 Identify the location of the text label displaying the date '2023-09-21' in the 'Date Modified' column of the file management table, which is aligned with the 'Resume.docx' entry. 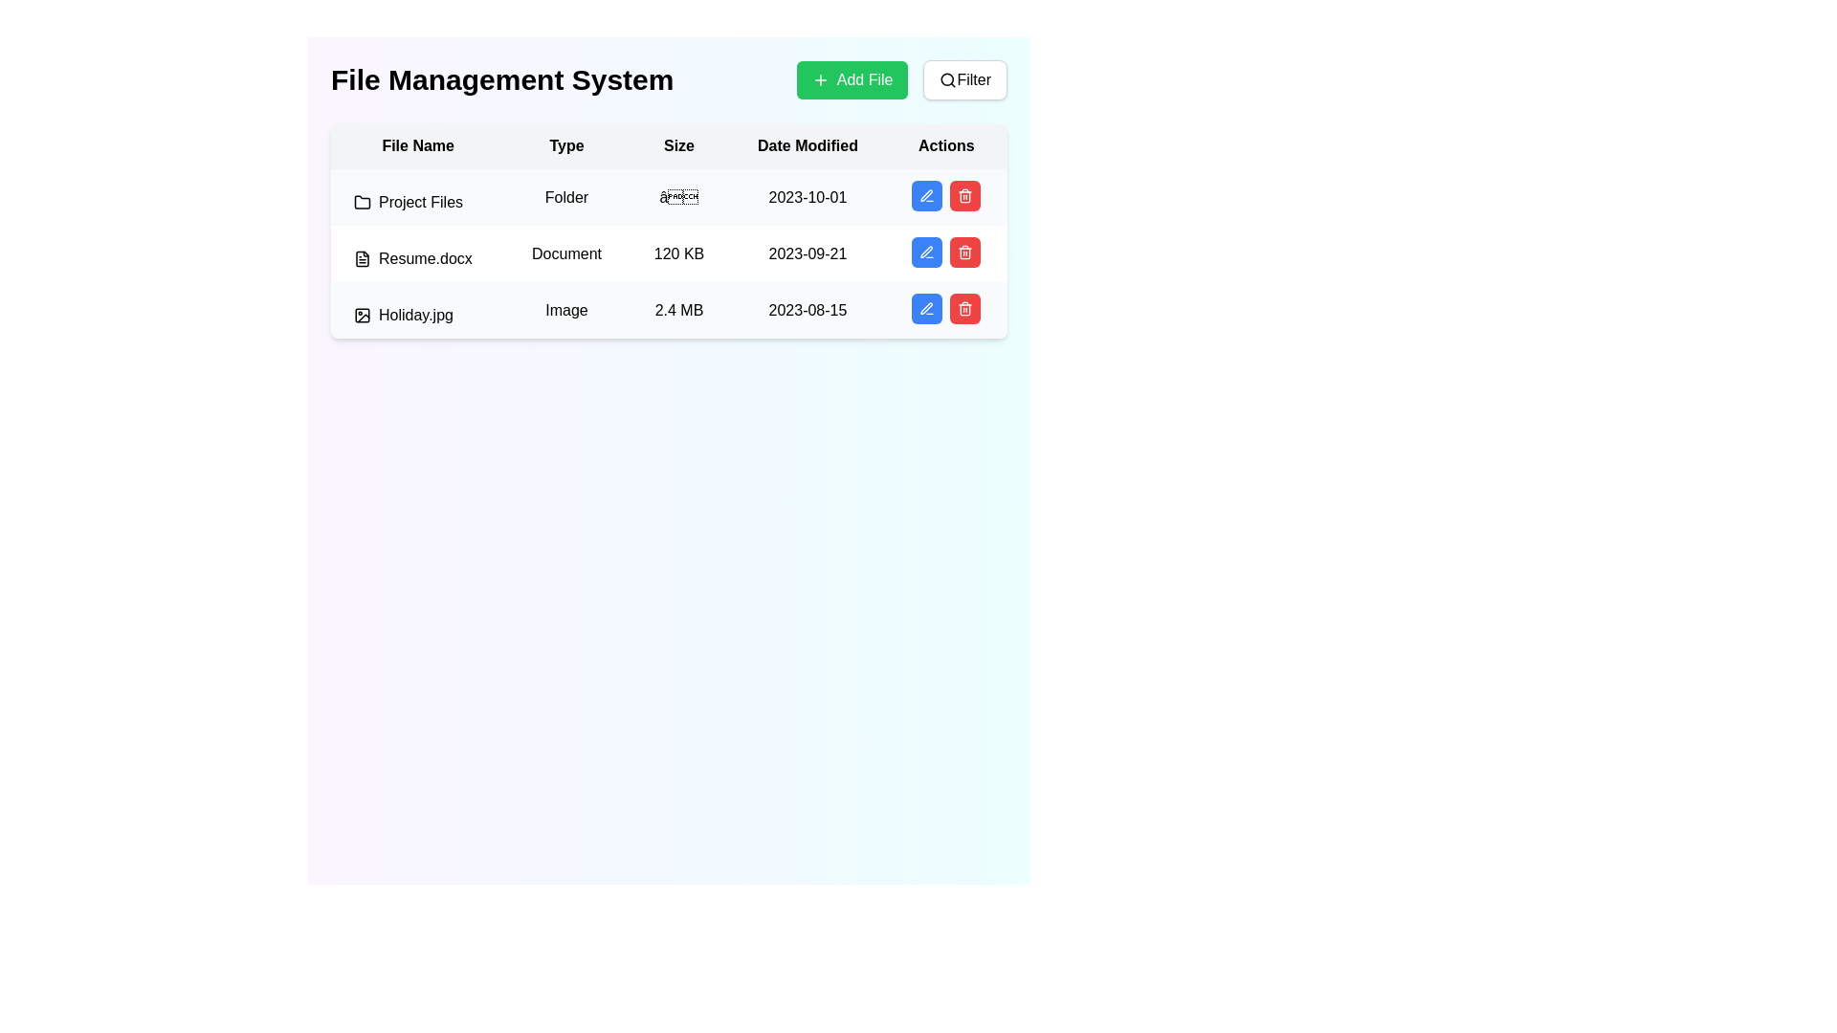
(808, 253).